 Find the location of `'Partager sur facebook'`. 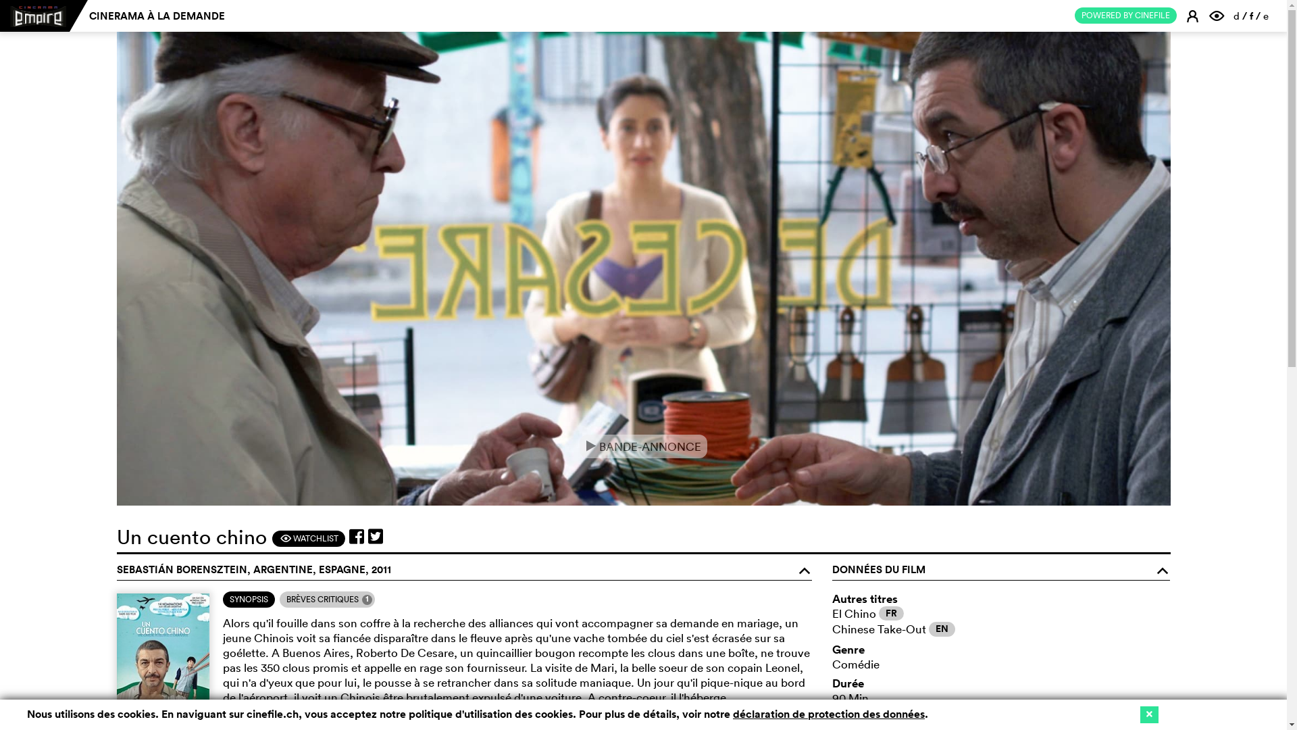

'Partager sur facebook' is located at coordinates (356, 536).